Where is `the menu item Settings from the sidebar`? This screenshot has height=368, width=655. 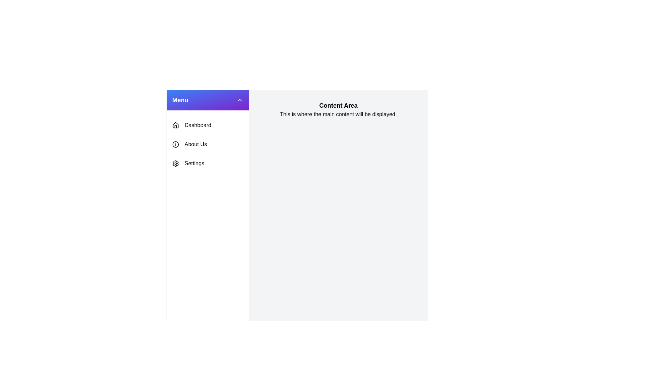
the menu item Settings from the sidebar is located at coordinates (207, 163).